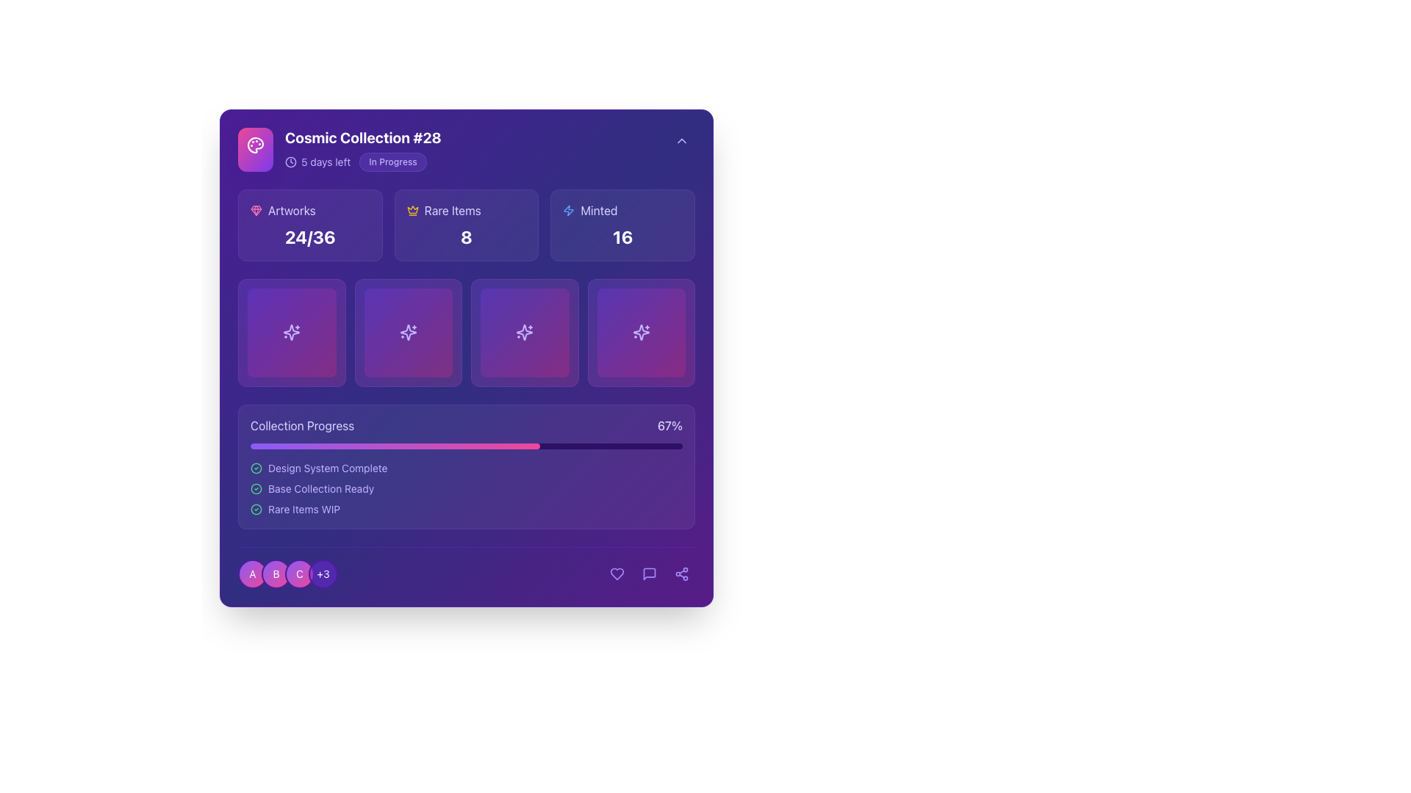 Image resolution: width=1411 pixels, height=793 pixels. I want to click on the icon representing a gem or collection item located in the top-left corner of the purple card header, adjacent to the text 'Cosmic Collection #28', so click(256, 210).